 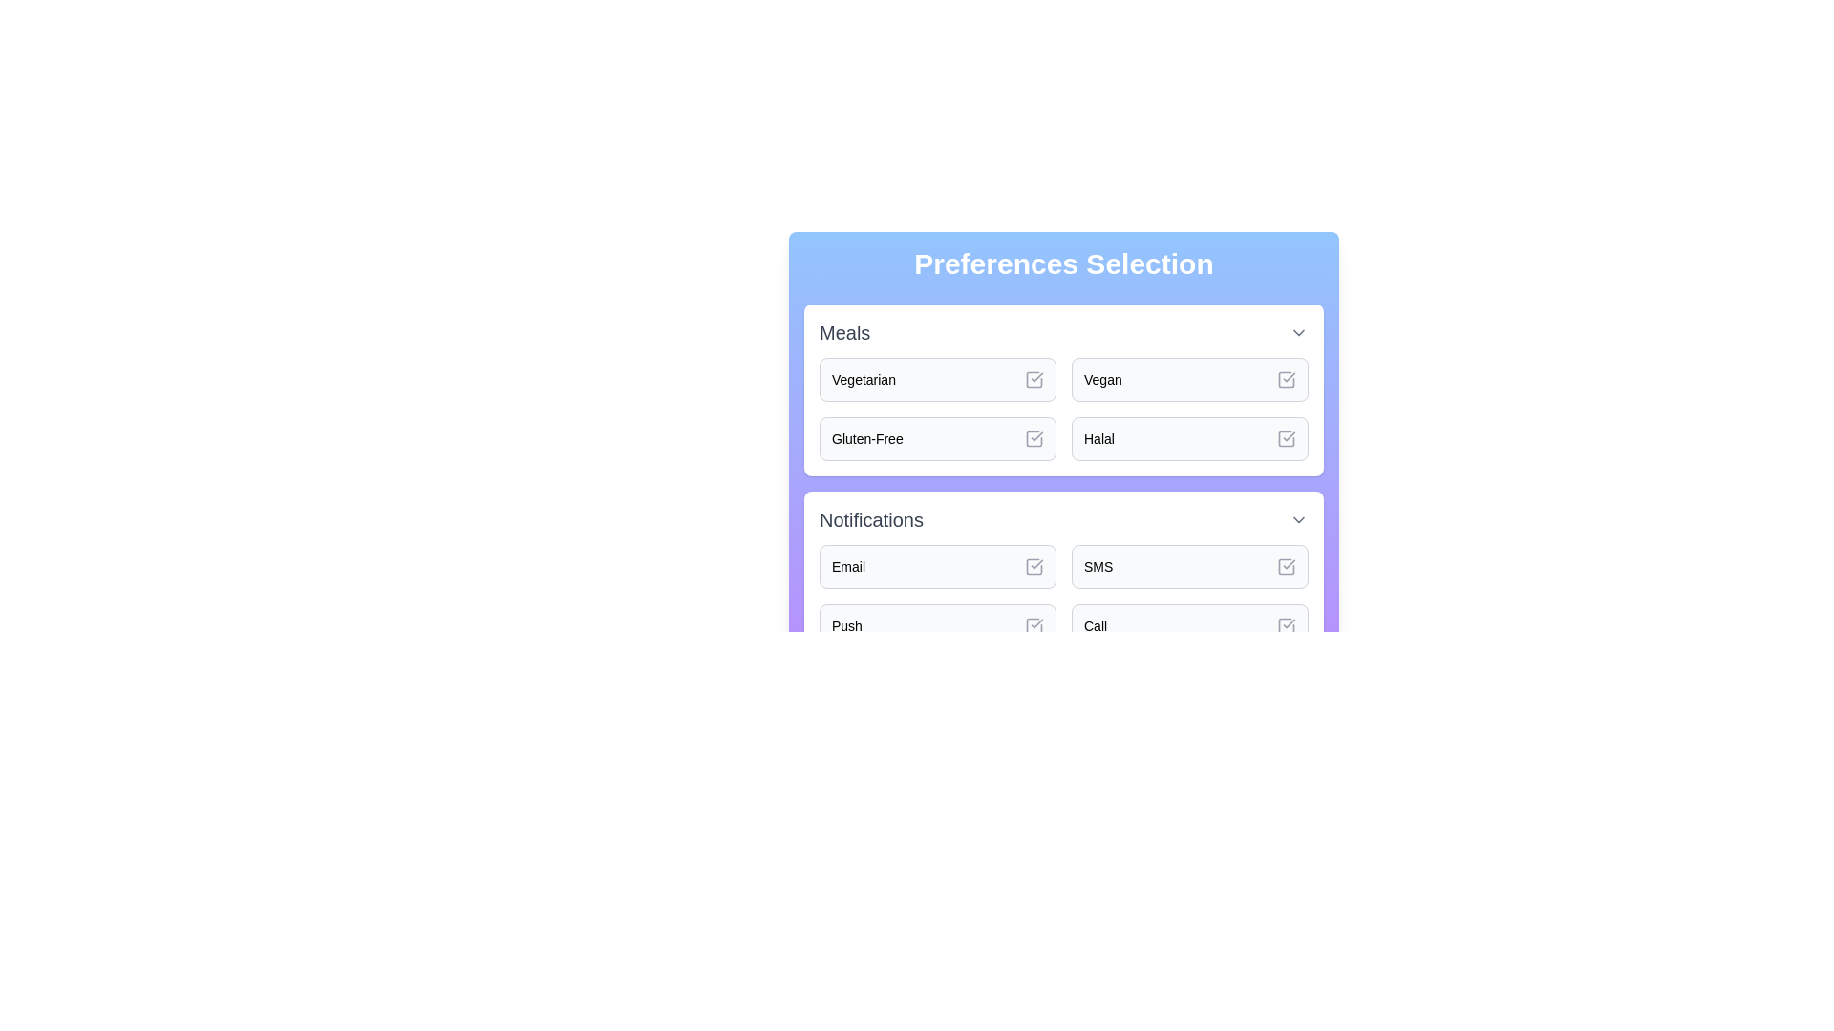 What do you see at coordinates (1298, 331) in the screenshot?
I see `the dropdown toggle icon located at the top-right corner of the 'Meals' section` at bounding box center [1298, 331].